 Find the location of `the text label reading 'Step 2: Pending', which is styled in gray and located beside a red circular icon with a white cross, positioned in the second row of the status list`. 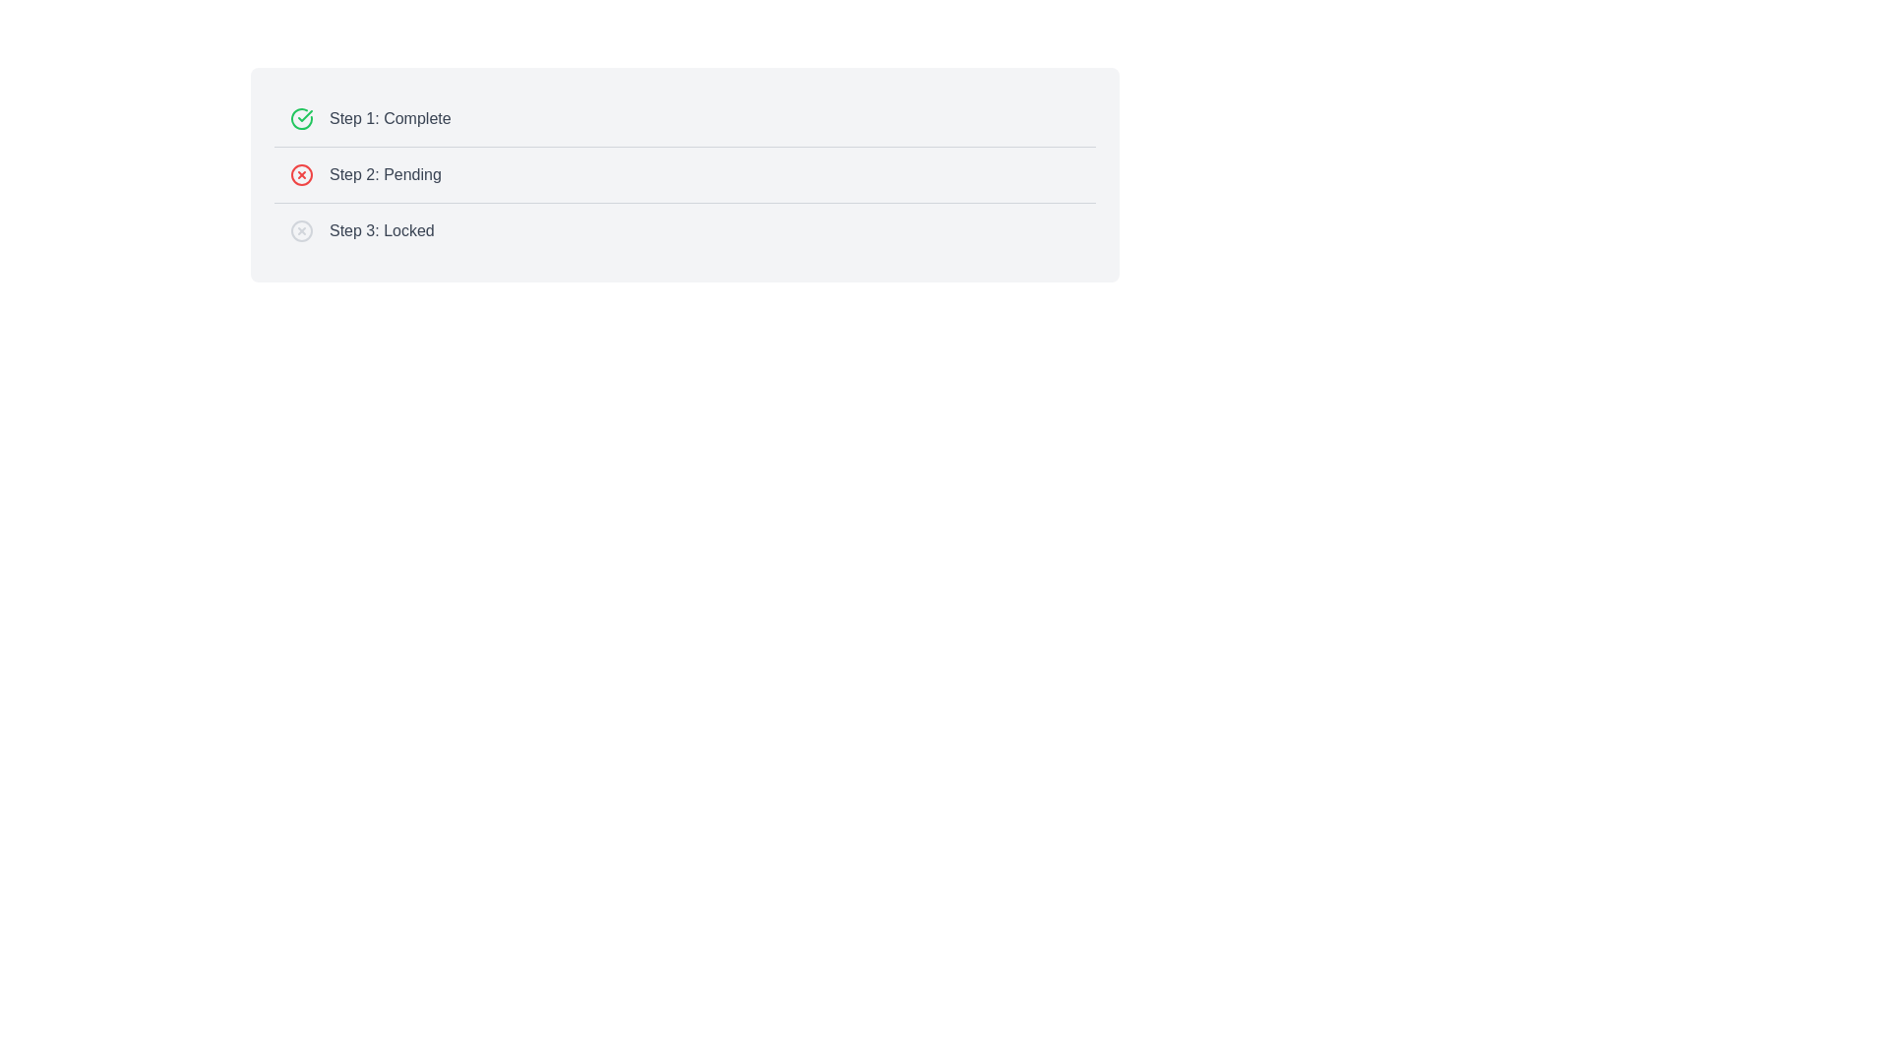

the text label reading 'Step 2: Pending', which is styled in gray and located beside a red circular icon with a white cross, positioned in the second row of the status list is located at coordinates (385, 173).